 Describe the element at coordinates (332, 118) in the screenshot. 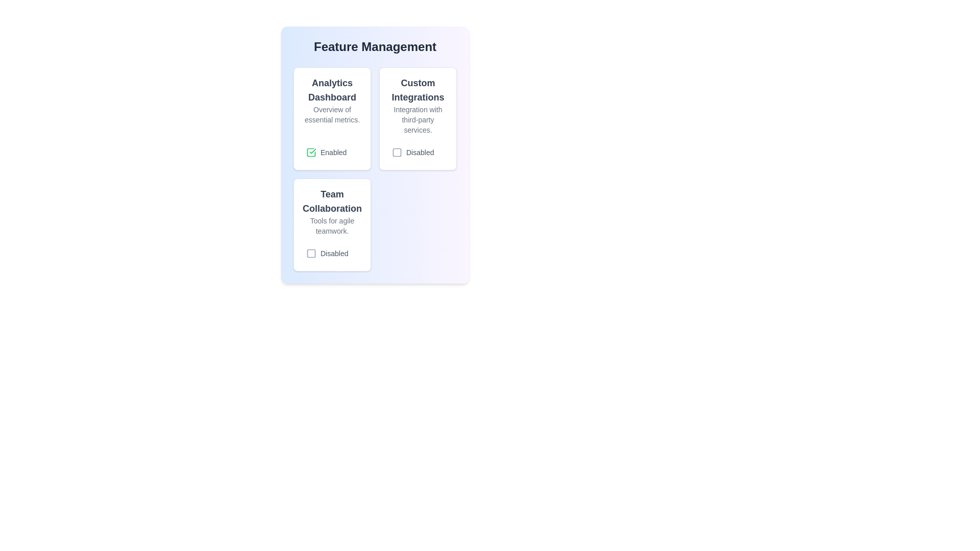

I see `the 'Analytics Dashboard' information card located in the upper-left corner of the grid layout to activate hover effects` at that location.